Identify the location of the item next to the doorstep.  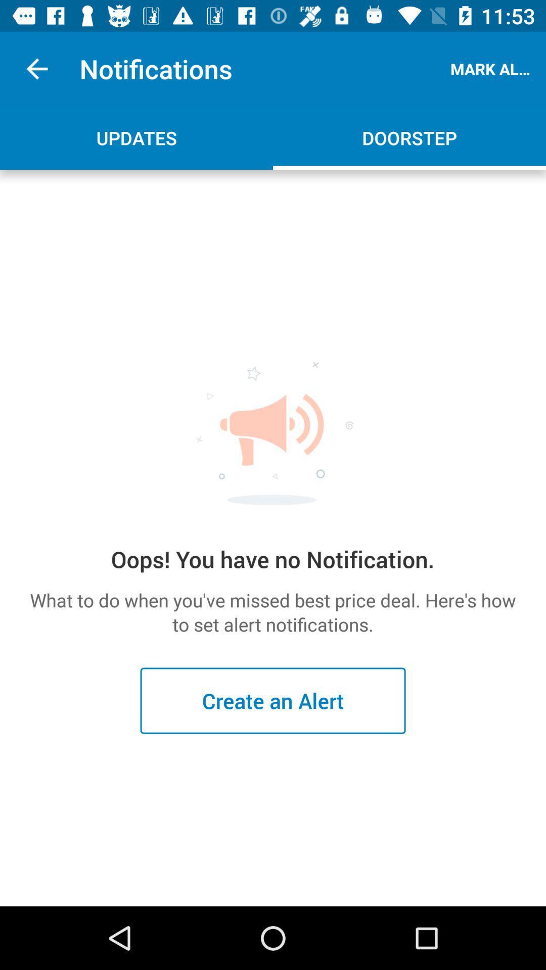
(136, 137).